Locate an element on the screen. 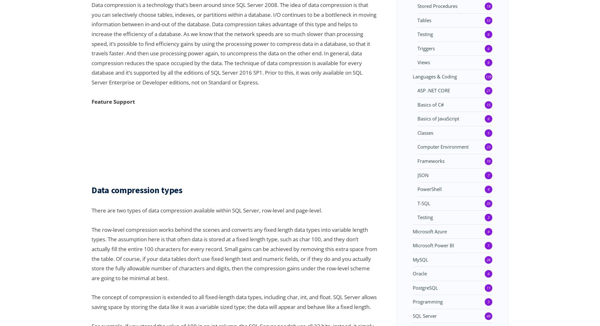 The image size is (600, 326). 'ASP .NET CORE' is located at coordinates (417, 90).